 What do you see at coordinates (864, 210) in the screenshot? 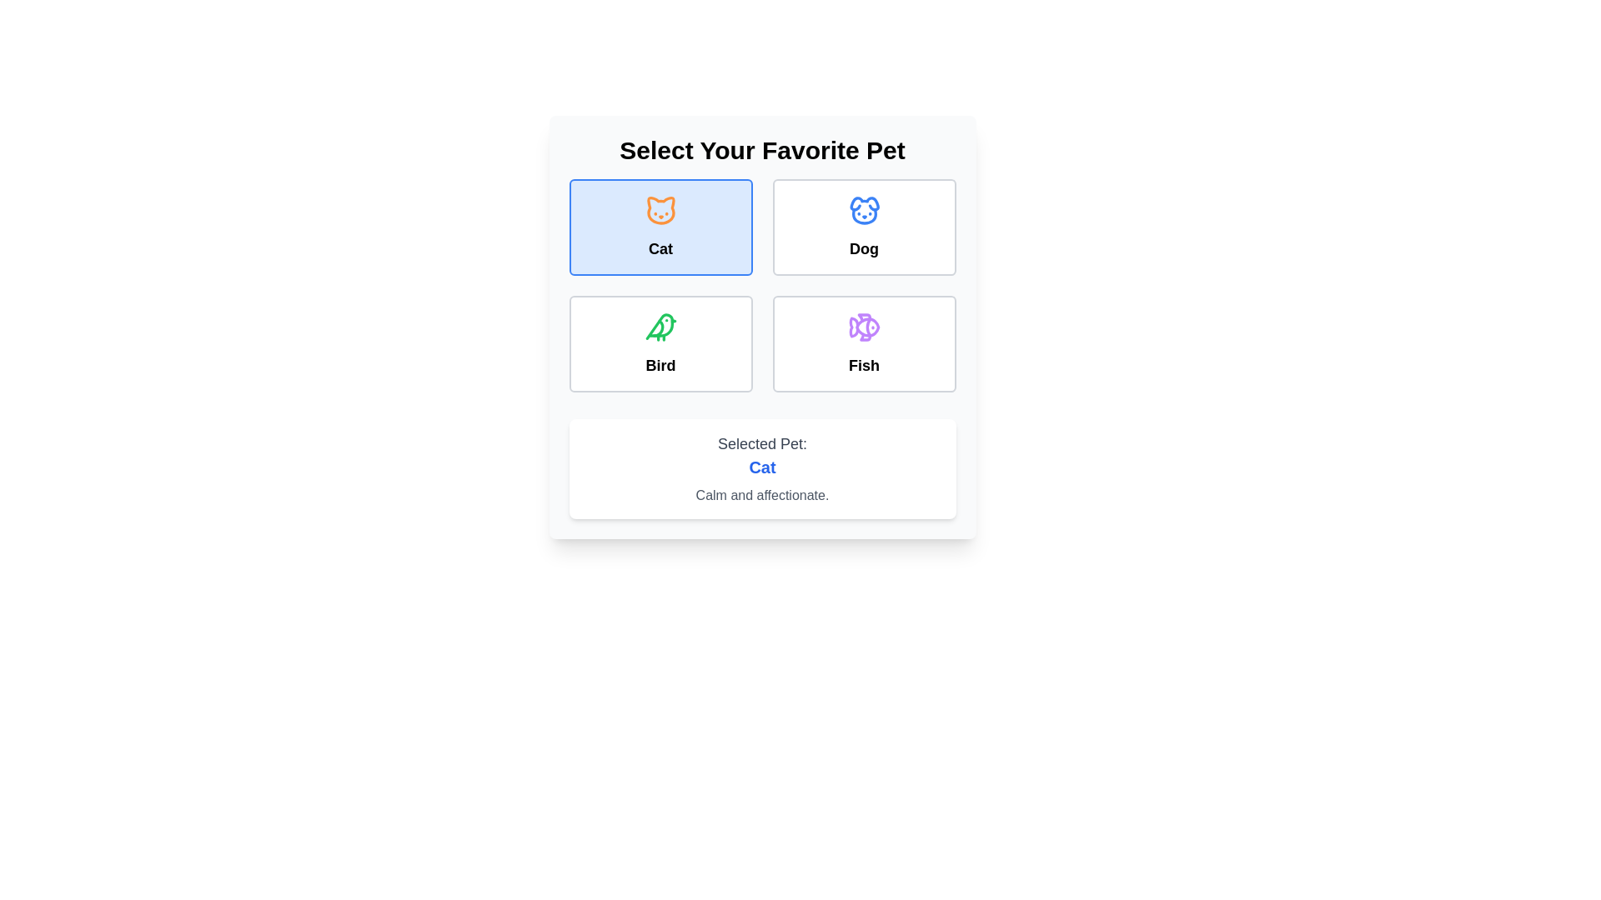
I see `the icon resembling a dog's face with a blue circular outline, located at the top section of the 'Dog' card` at bounding box center [864, 210].